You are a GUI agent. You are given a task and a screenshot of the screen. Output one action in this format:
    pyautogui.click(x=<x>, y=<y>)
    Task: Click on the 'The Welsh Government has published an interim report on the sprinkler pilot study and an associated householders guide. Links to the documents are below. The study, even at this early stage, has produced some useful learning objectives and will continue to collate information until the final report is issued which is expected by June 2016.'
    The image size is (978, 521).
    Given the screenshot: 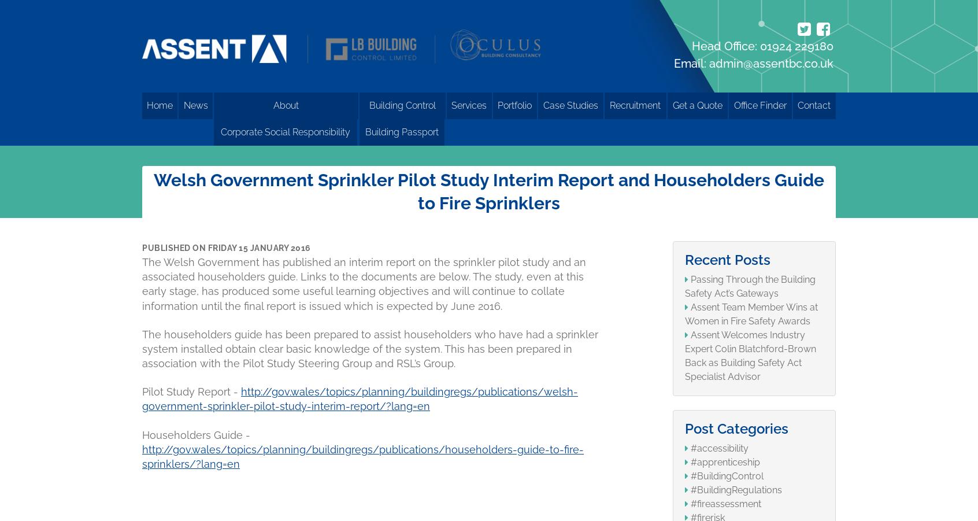 What is the action you would take?
    pyautogui.click(x=363, y=283)
    